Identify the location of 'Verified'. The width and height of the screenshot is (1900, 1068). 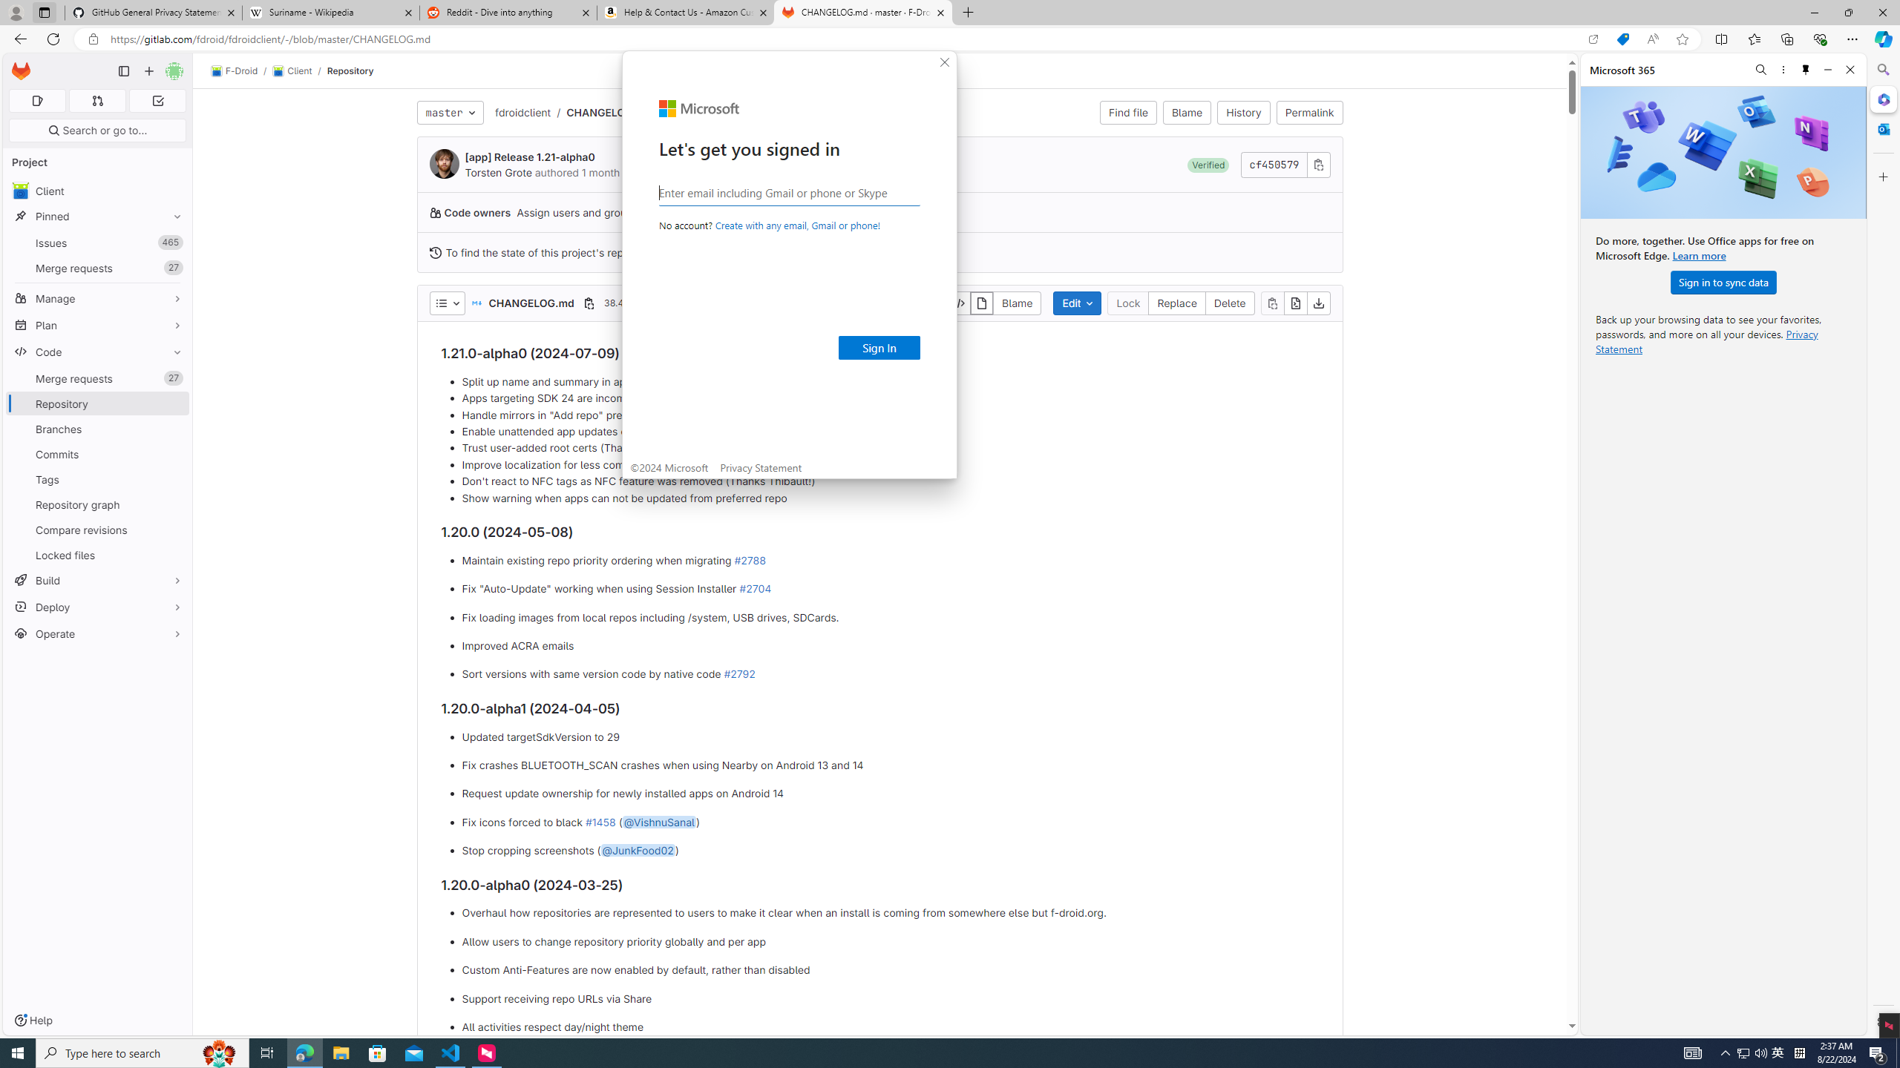
(1208, 165).